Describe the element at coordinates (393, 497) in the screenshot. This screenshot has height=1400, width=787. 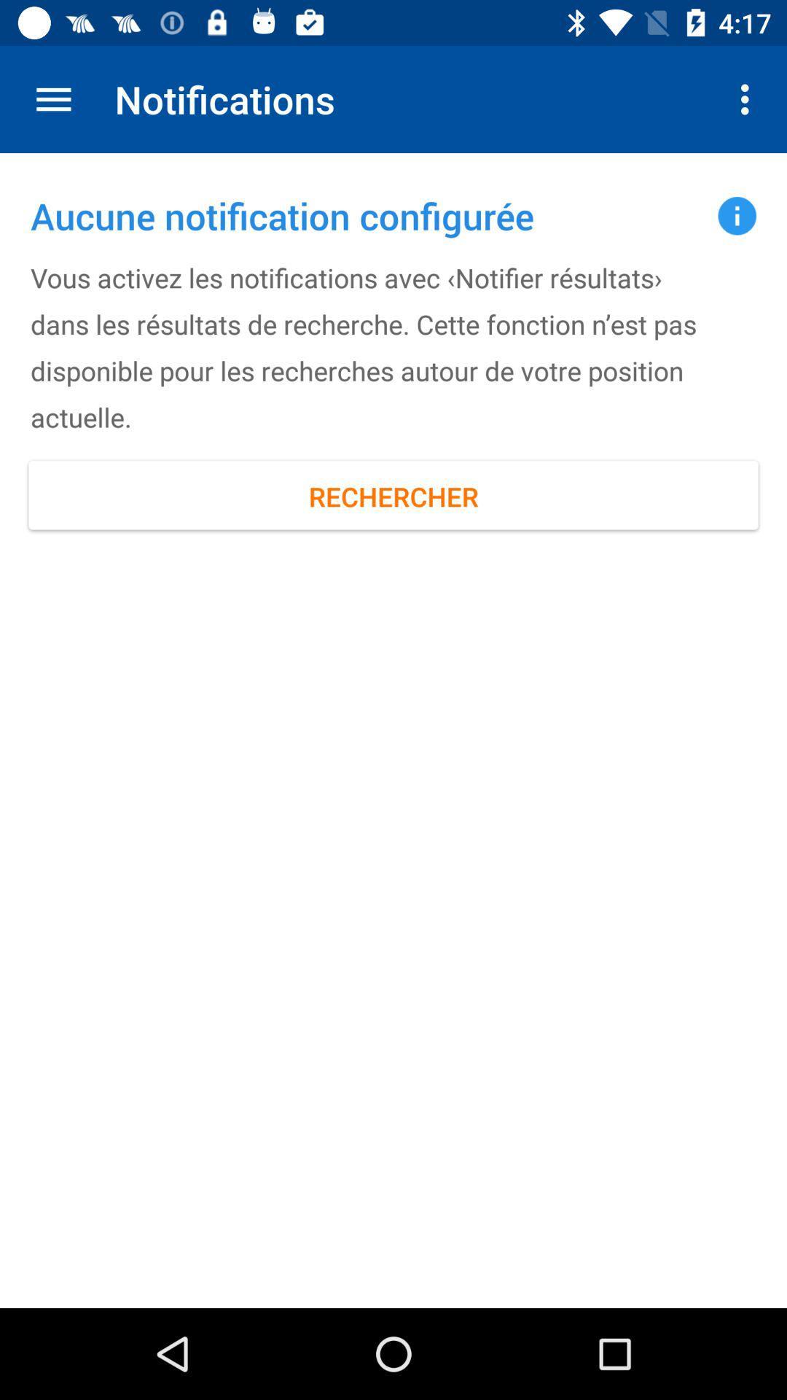
I see `icon at the center` at that location.